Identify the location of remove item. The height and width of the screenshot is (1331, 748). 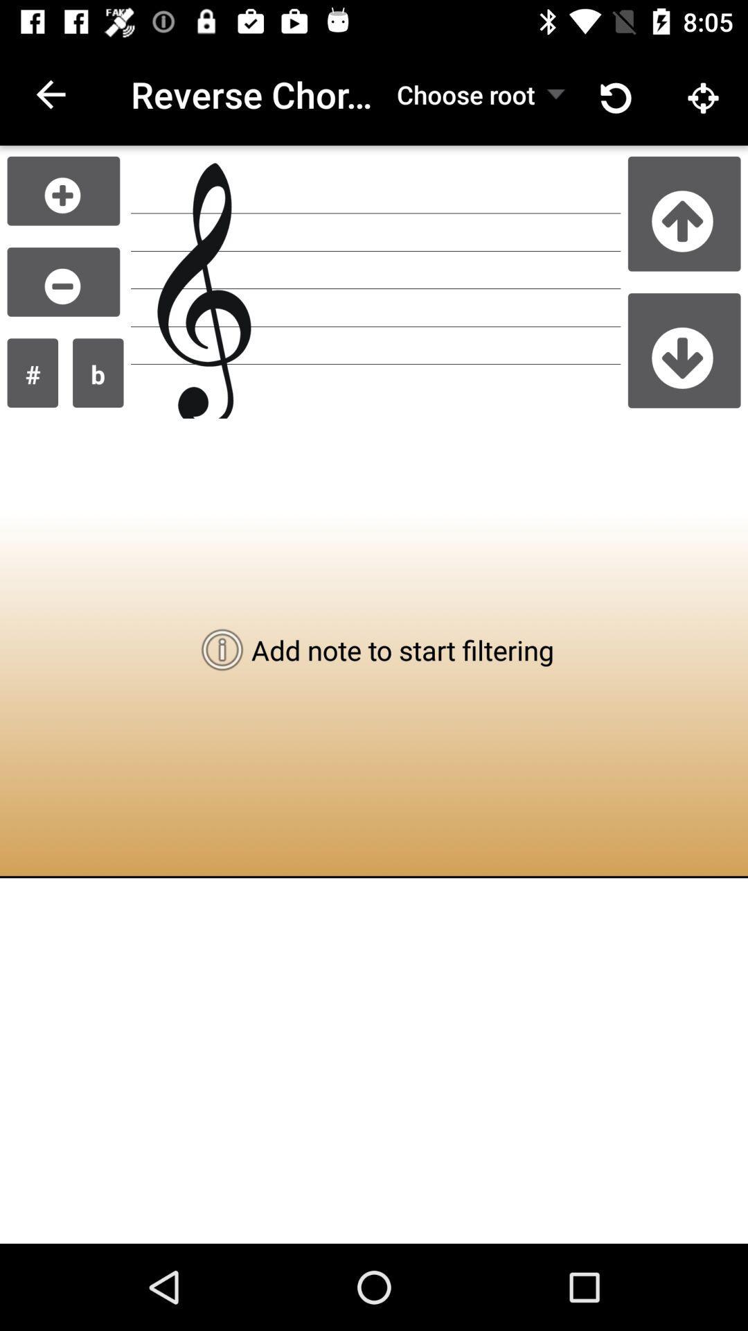
(63, 281).